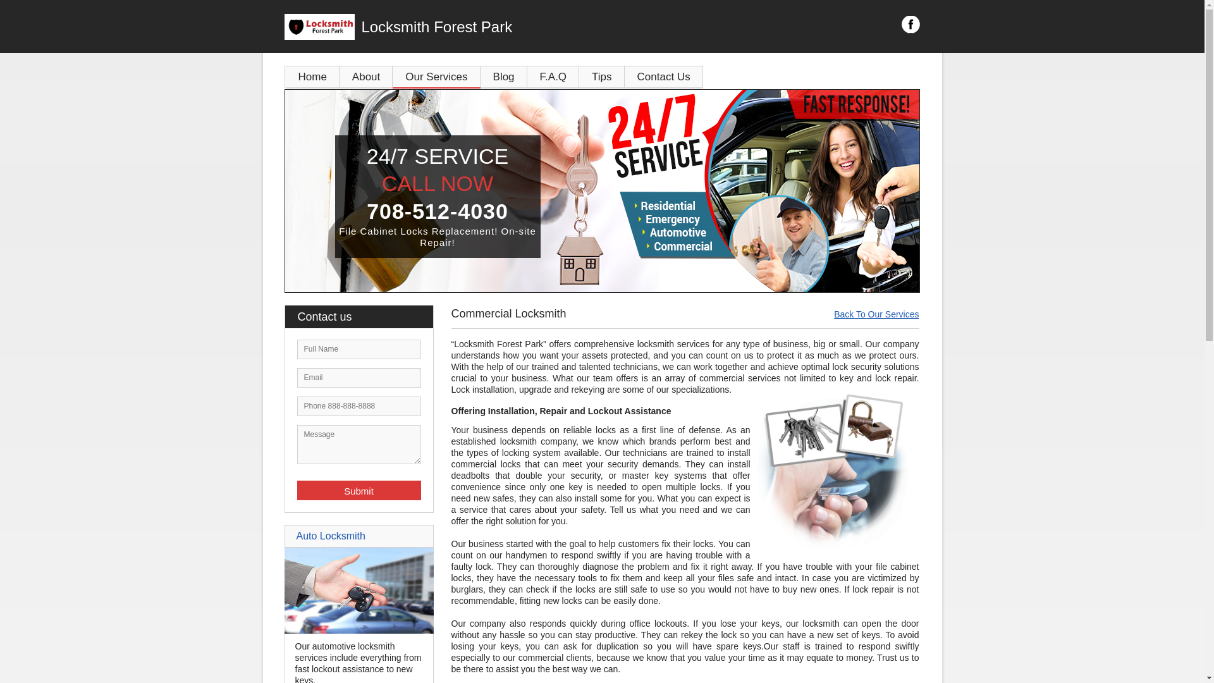 The height and width of the screenshot is (683, 1214). What do you see at coordinates (503, 77) in the screenshot?
I see `'Blog'` at bounding box center [503, 77].